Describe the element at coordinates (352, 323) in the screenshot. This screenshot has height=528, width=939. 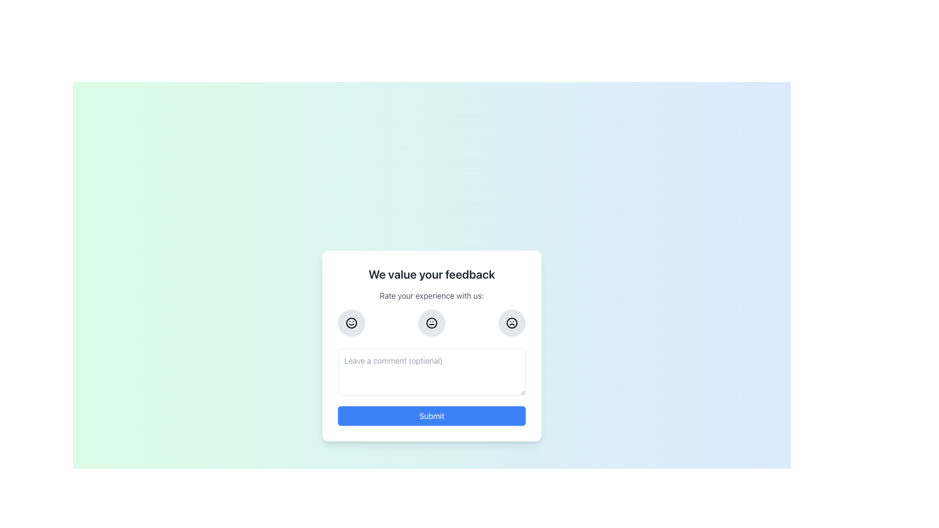
I see `the outermost circle of the smiley face icon, which is the leftmost icon in the row under the text 'Rate your experience with us'` at that location.